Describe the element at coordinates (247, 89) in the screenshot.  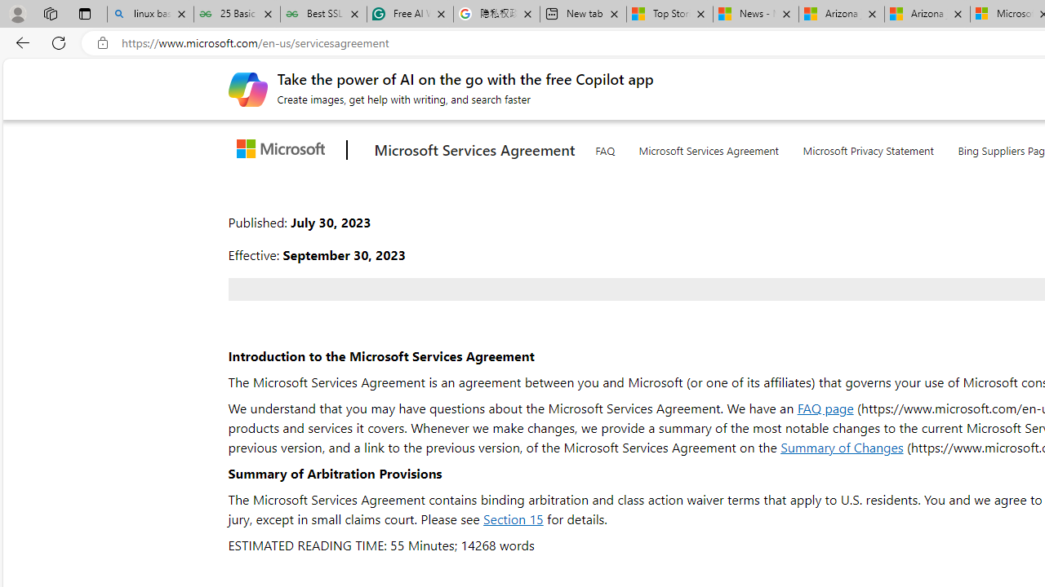
I see `'Create images, get help with writing, and search faster'` at that location.